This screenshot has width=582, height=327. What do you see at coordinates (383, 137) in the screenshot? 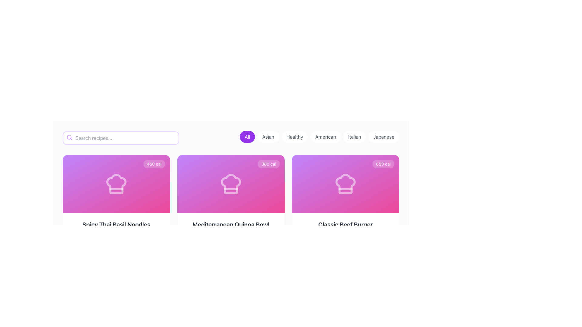
I see `the pill-shaped button labeled 'Japanese' to observe the hover effect, which changes the background to a light purple shade` at bounding box center [383, 137].